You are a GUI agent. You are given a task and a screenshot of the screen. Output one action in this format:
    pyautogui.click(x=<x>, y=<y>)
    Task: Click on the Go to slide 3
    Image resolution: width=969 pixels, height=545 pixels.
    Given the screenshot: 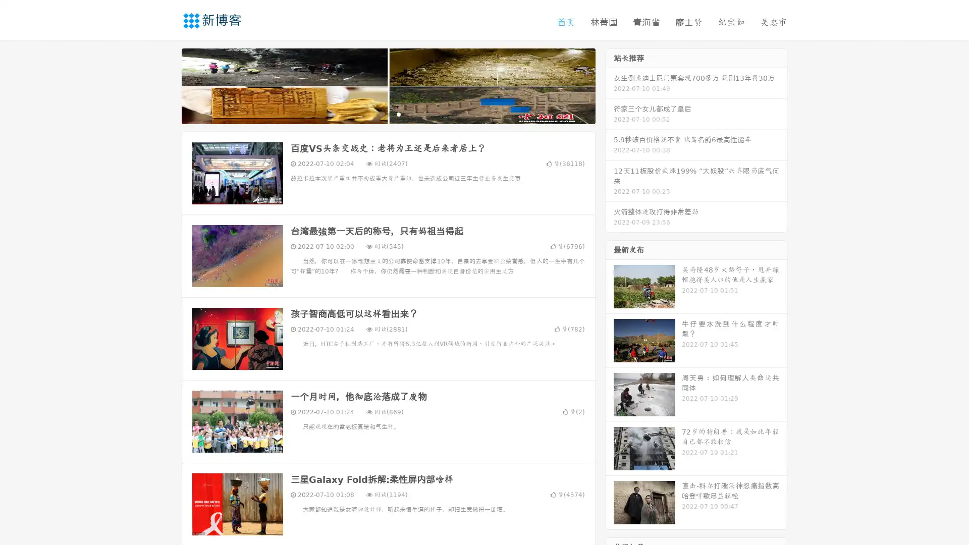 What is the action you would take?
    pyautogui.click(x=398, y=114)
    